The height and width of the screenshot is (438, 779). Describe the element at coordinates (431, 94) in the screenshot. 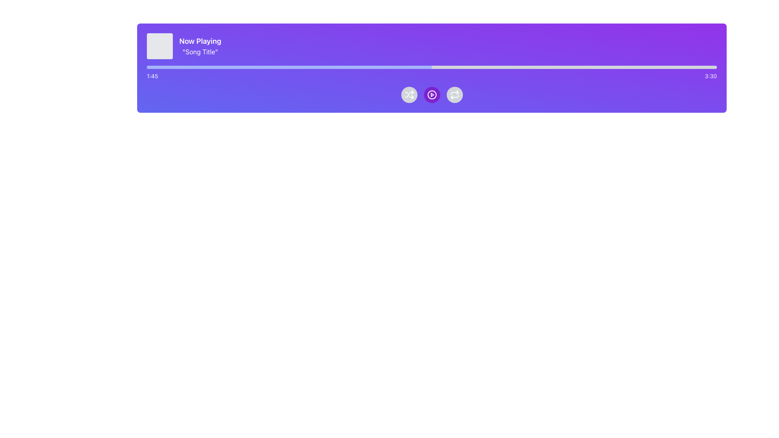

I see `the middle circular play button with a purple background and a white triangle symbol` at that location.